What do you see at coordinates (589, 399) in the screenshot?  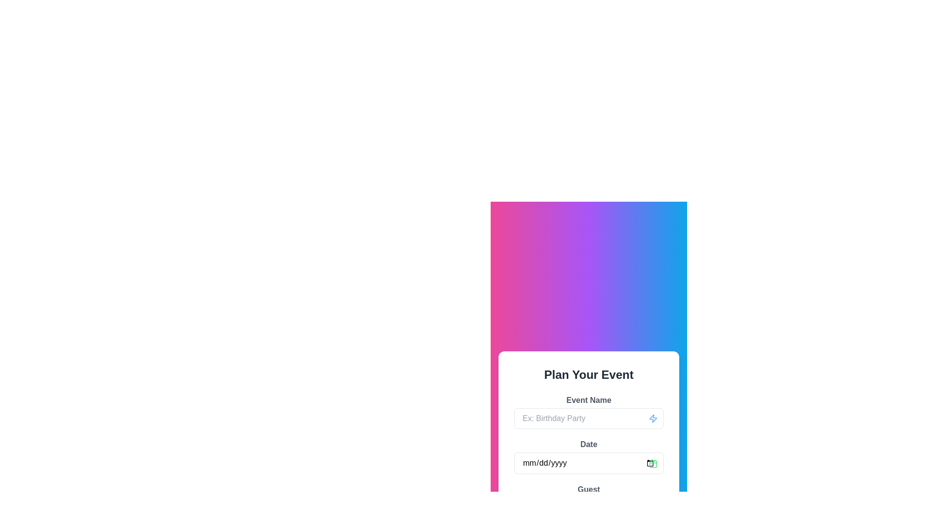 I see `the 'Event Name' label, which is a bold gray text positioned at the top of the form section above the input field labeled 'Ex: Birthday Party'` at bounding box center [589, 399].